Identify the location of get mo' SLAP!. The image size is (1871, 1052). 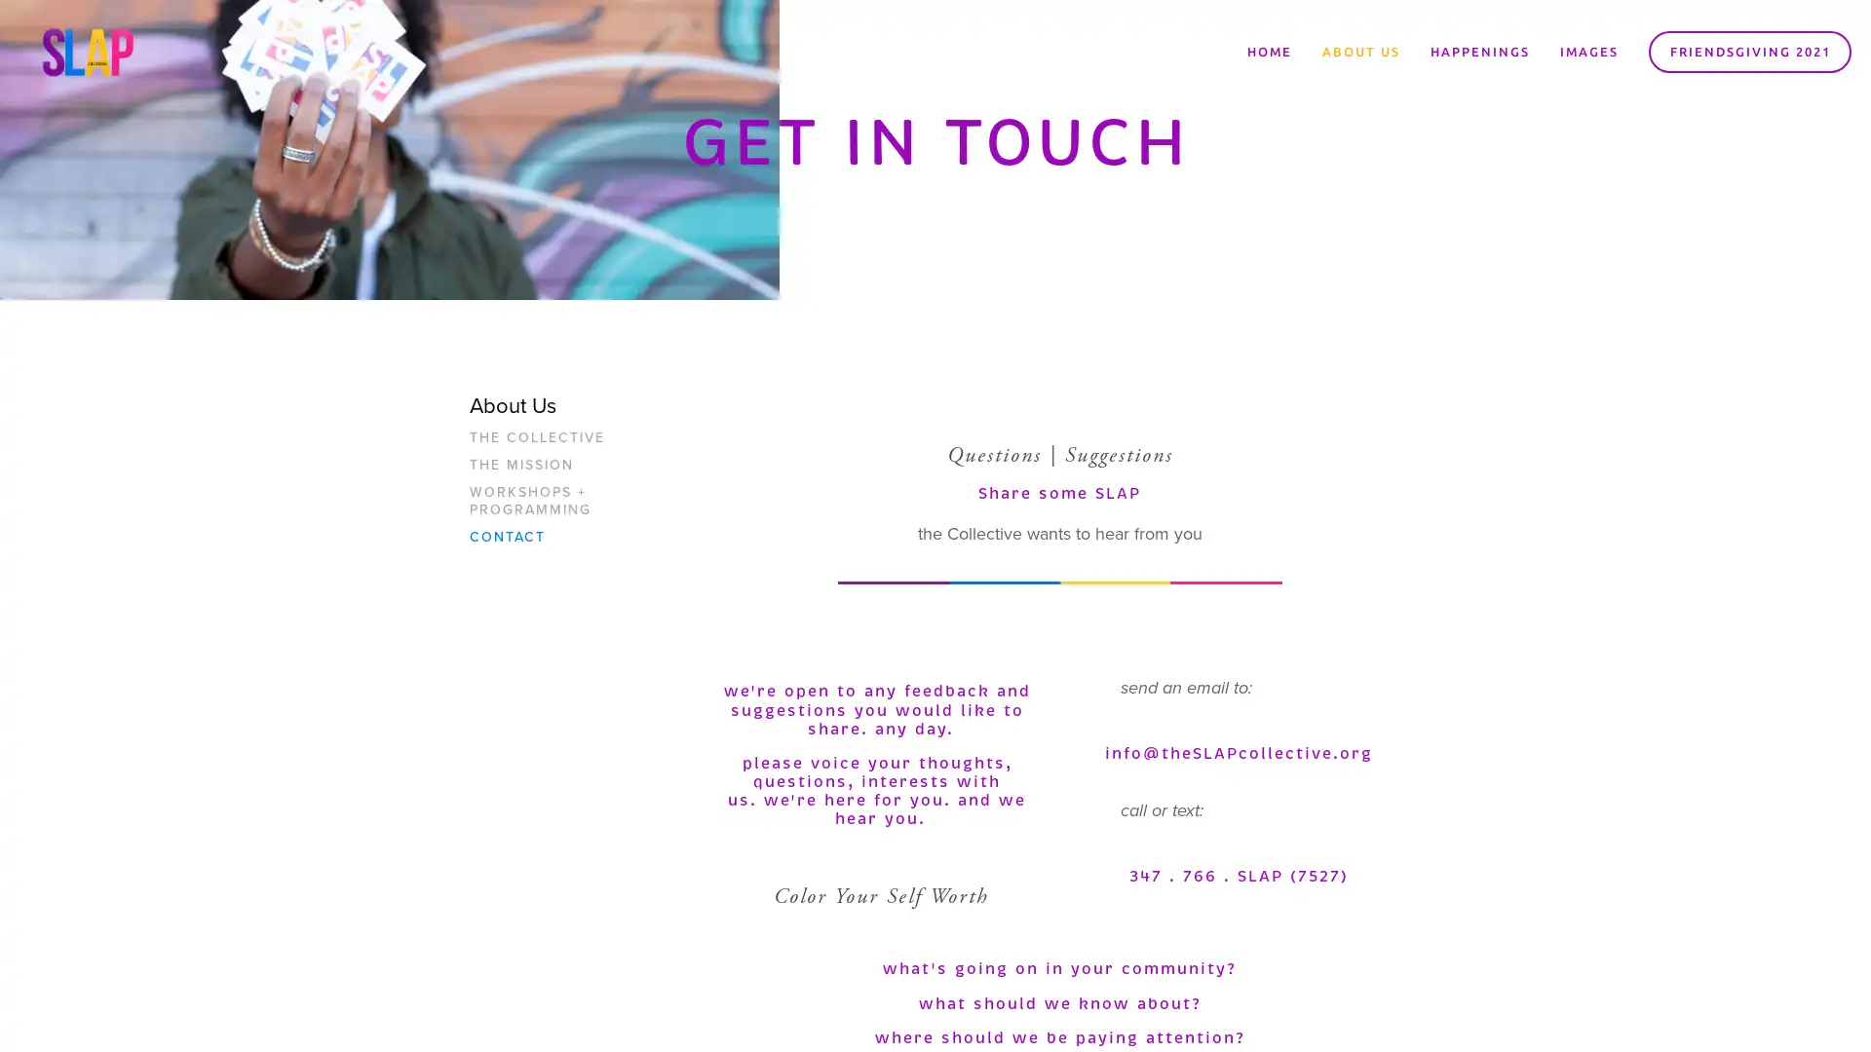
(1056, 577).